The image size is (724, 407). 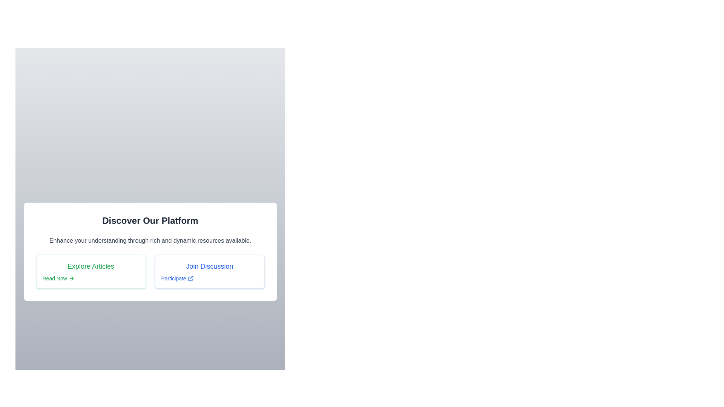 I want to click on the external link icon next to the 'Participate' label under 'Join Discussion', so click(x=190, y=279).